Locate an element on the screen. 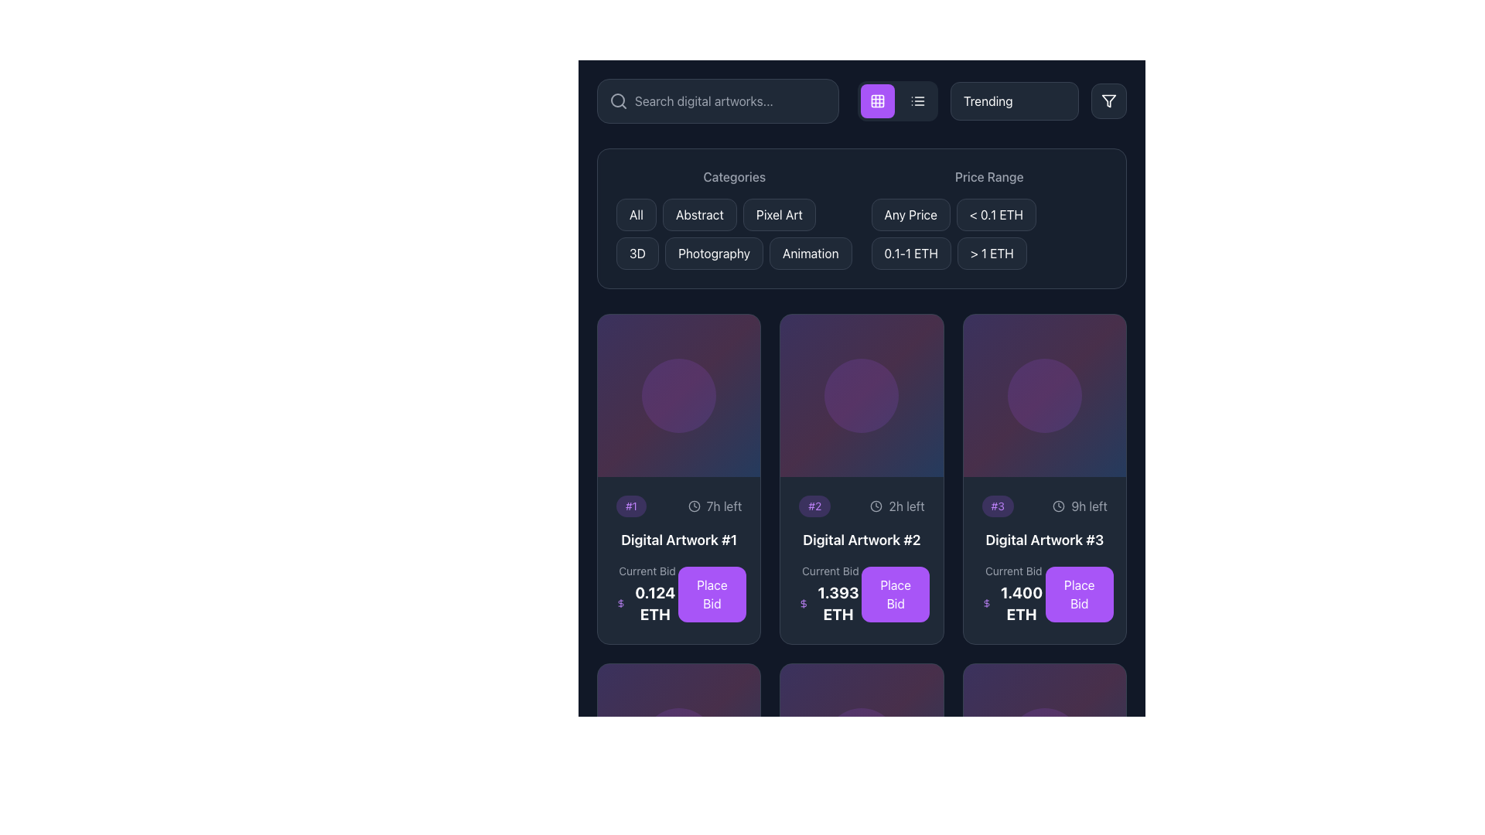 Image resolution: width=1485 pixels, height=835 pixels. displayed information from the 'Current Bid' text label which shows '1.393 ETH' in larger, bold text, located in the center of the card for 'Digital Artwork #2' is located at coordinates (829, 594).